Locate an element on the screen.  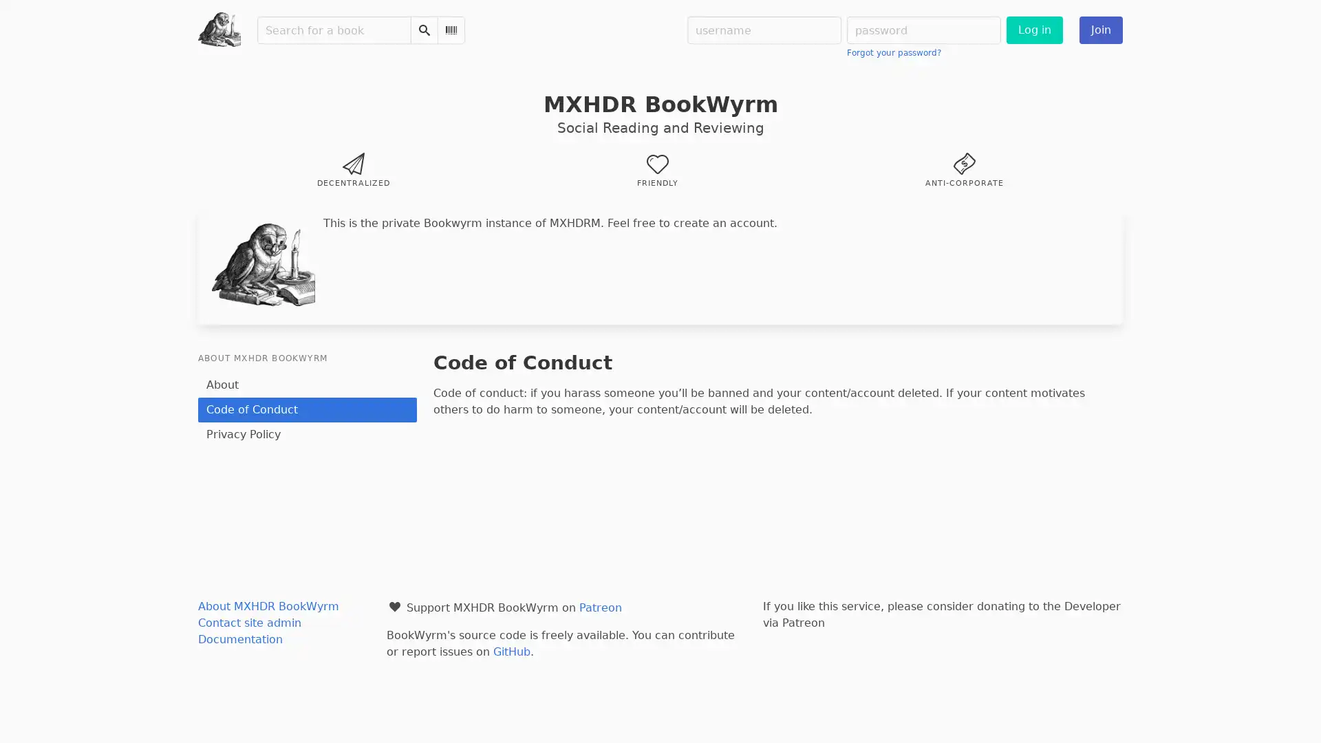
Scan Barcode is located at coordinates (451, 30).